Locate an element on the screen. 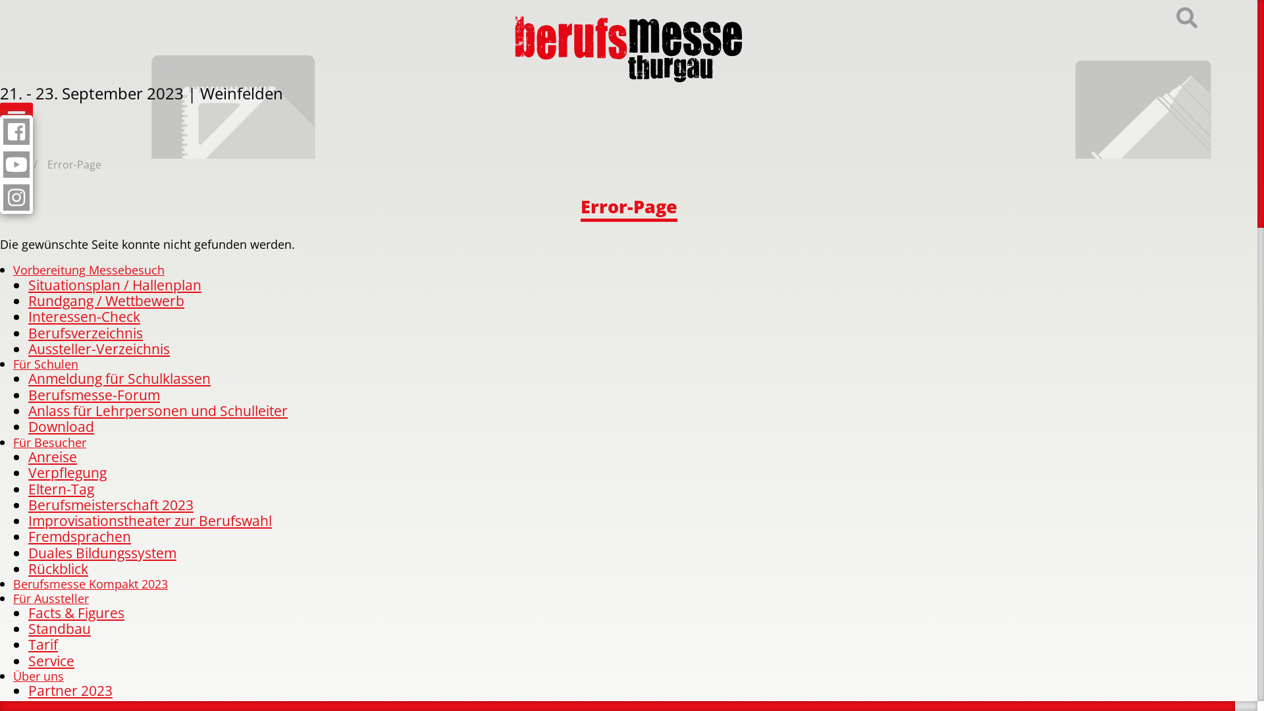  'Standbau' is located at coordinates (59, 627).